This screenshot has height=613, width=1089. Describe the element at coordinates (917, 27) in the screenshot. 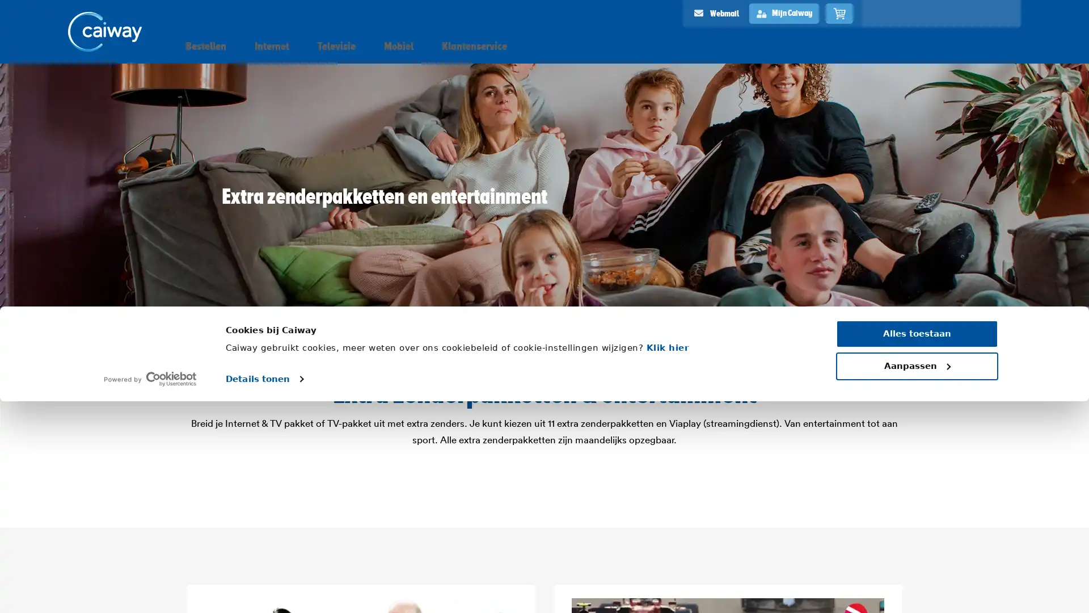

I see `Alles toestaan` at that location.